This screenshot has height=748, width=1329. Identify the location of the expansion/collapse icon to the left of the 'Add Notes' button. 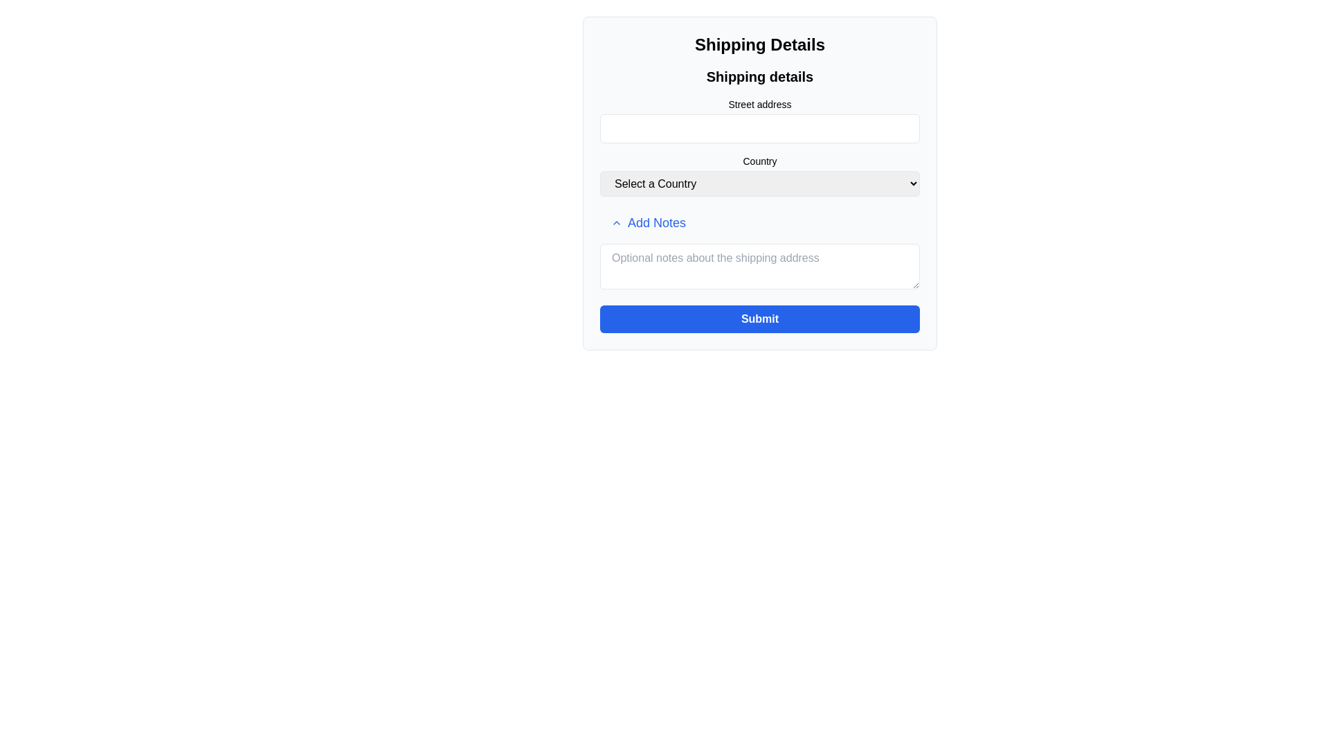
(616, 222).